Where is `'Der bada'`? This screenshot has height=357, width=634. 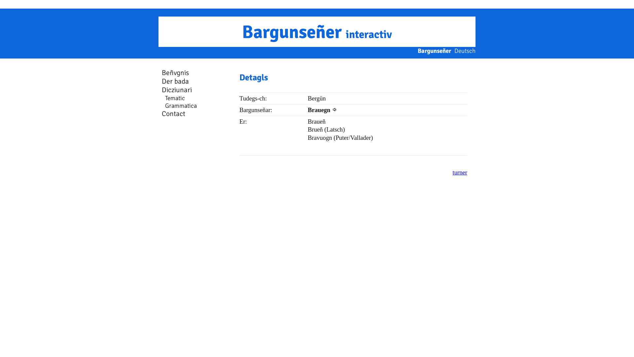 'Der bada' is located at coordinates (161, 81).